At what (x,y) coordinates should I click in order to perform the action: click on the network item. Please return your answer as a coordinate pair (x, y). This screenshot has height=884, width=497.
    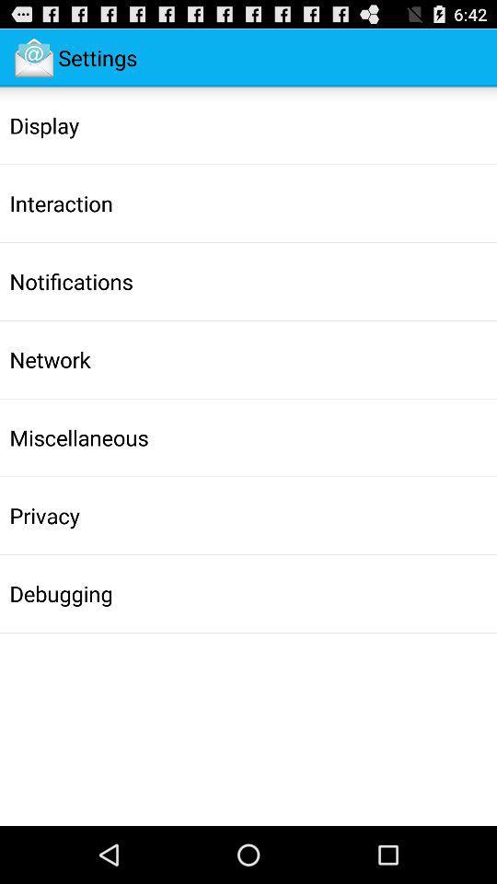
    Looking at the image, I should click on (50, 358).